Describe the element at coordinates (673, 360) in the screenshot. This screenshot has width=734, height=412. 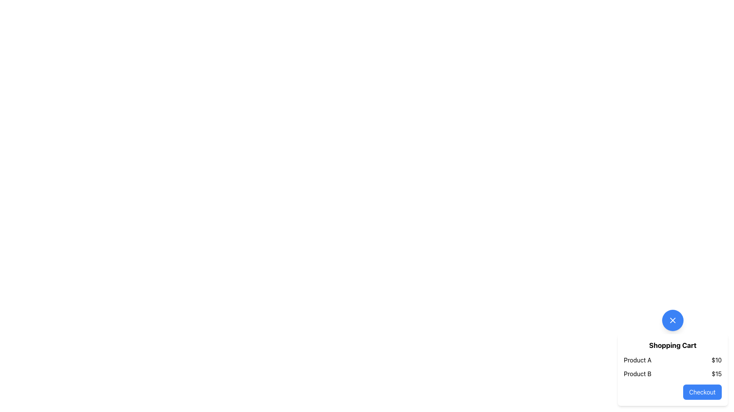
I see `first item in the shopping cart labeled 'Product A' with a price of '$10' by clicking on its center point` at that location.